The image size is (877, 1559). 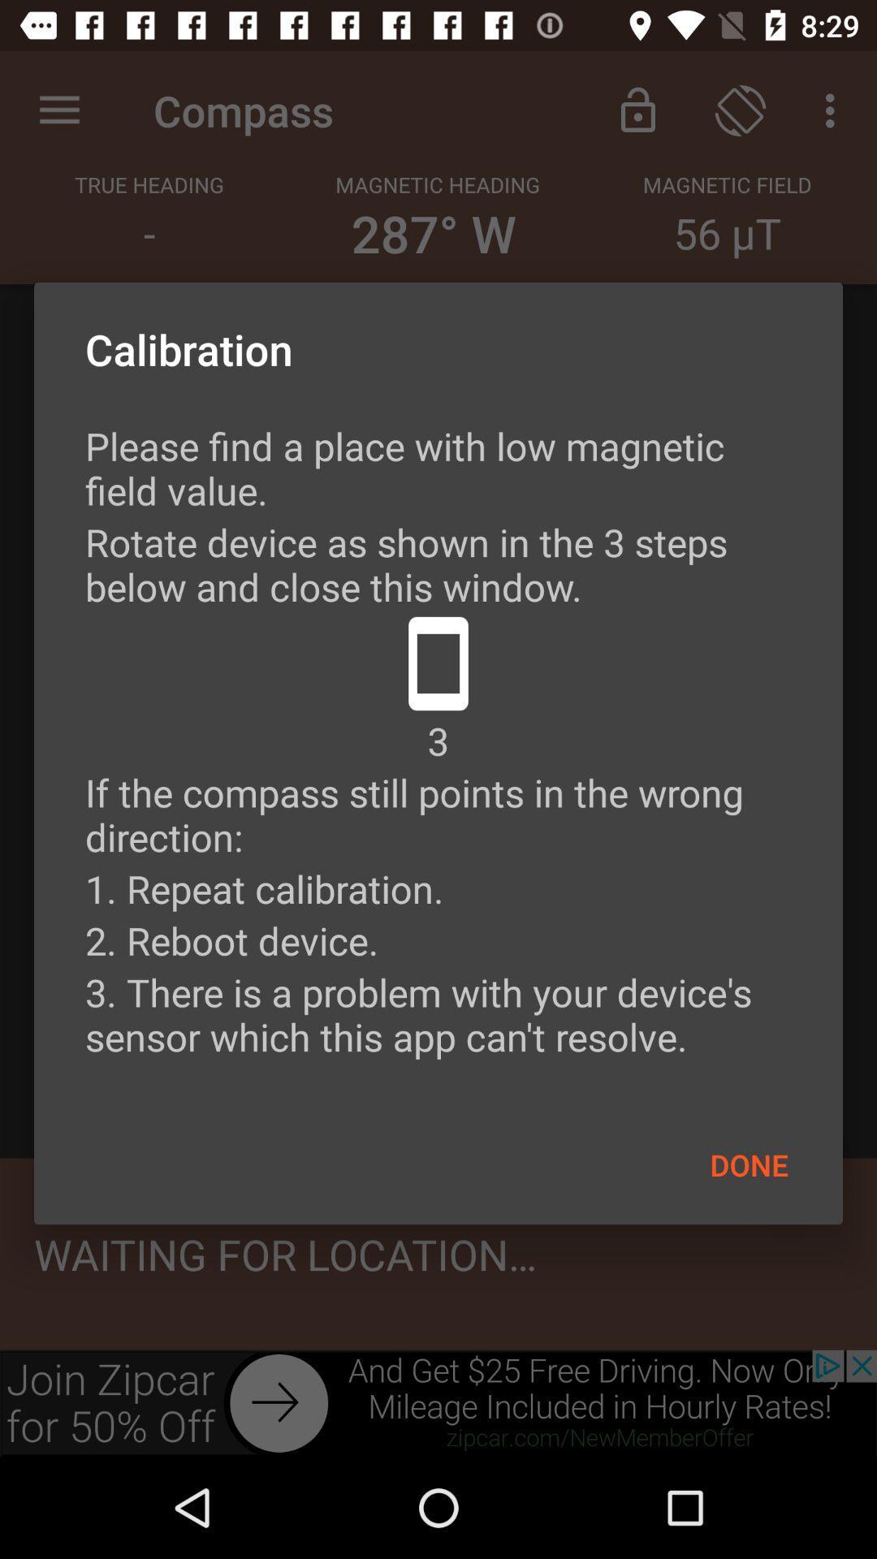 What do you see at coordinates (749, 1164) in the screenshot?
I see `the done` at bounding box center [749, 1164].